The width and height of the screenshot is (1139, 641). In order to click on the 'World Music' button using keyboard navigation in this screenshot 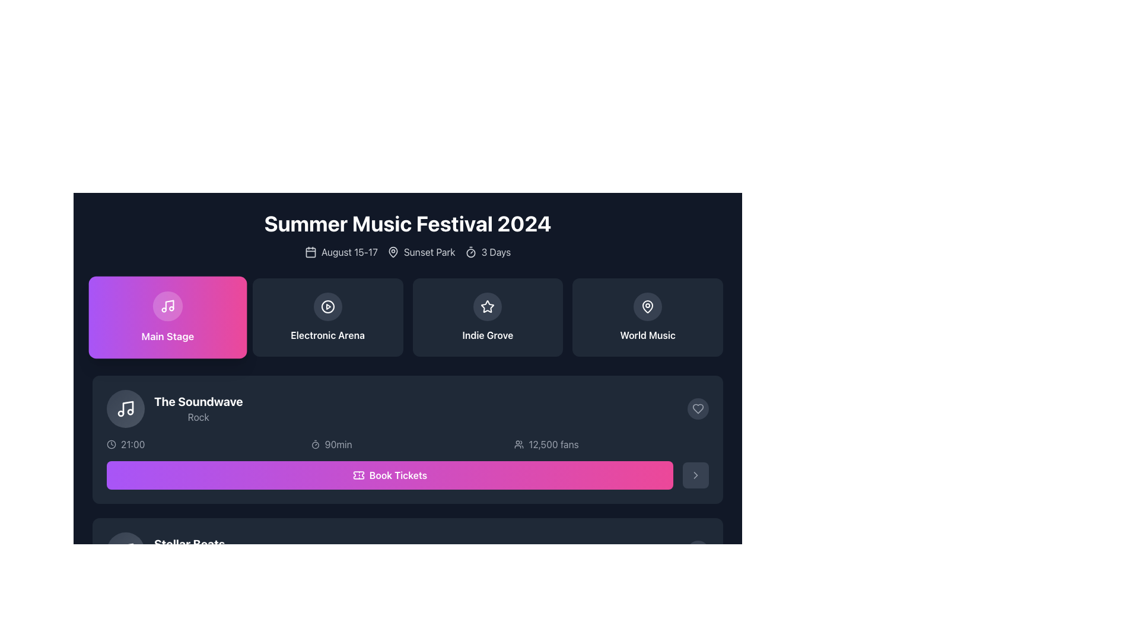, I will do `click(647, 317)`.